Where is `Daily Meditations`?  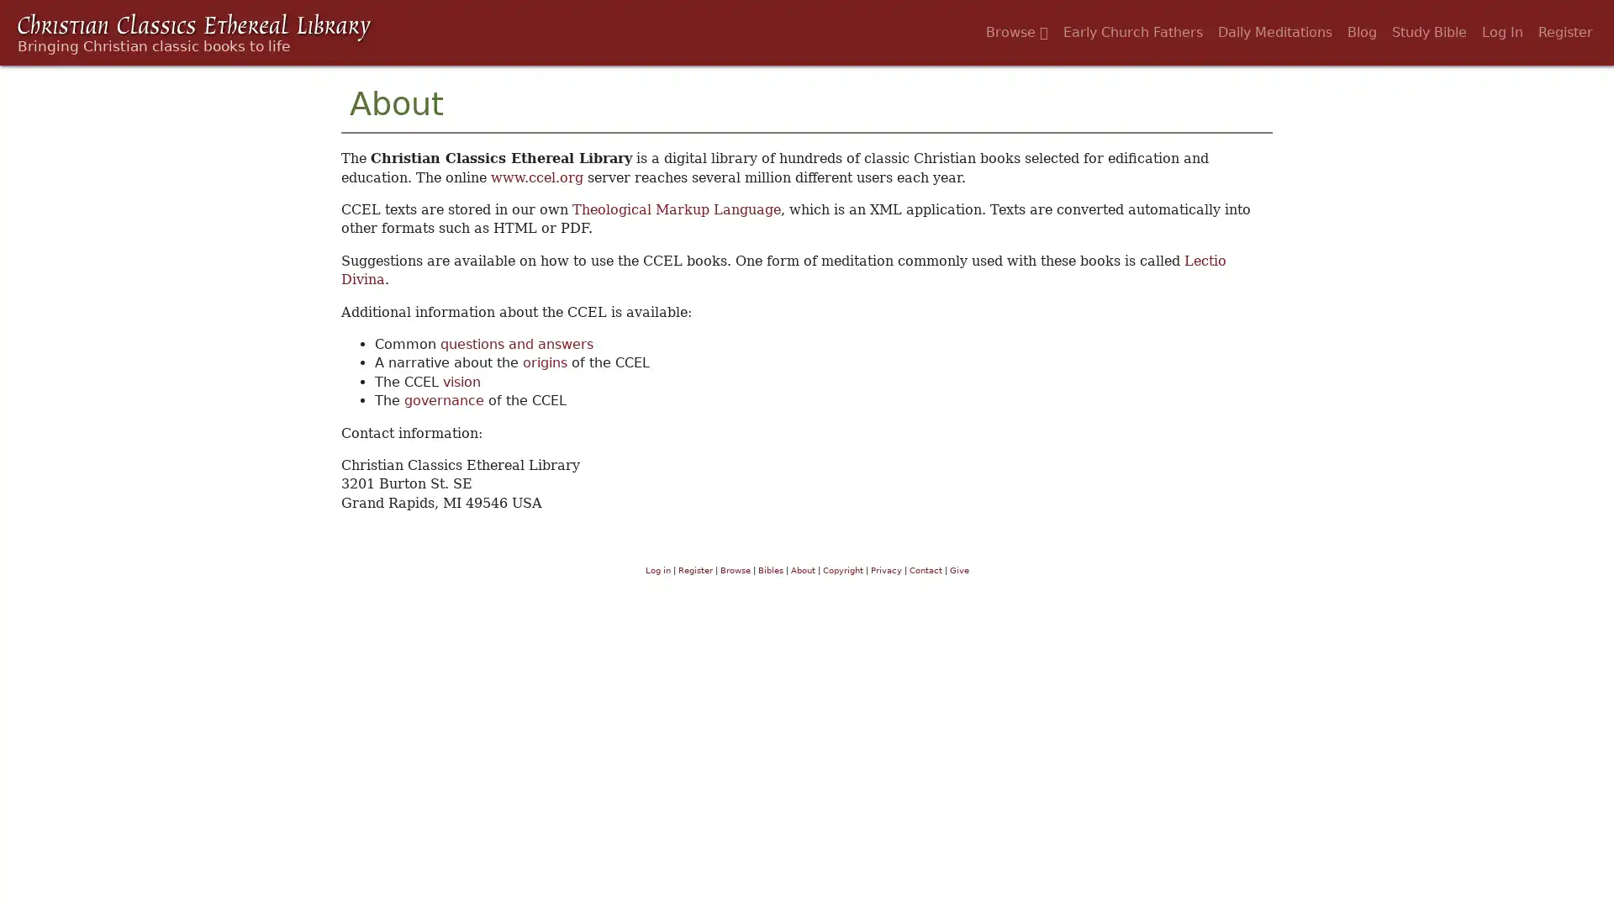 Daily Meditations is located at coordinates (1274, 32).